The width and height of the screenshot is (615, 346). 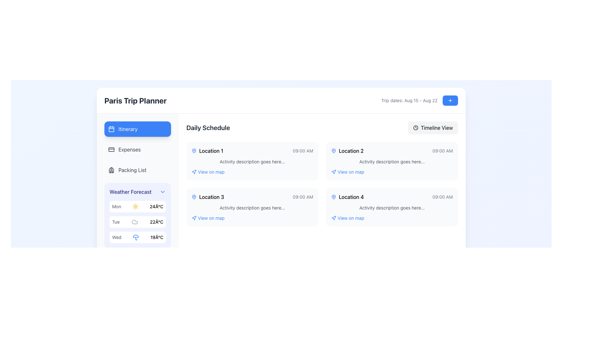 I want to click on the 'Timeline View' button located on the right side of the 'Daily Schedule' header, so click(x=433, y=128).